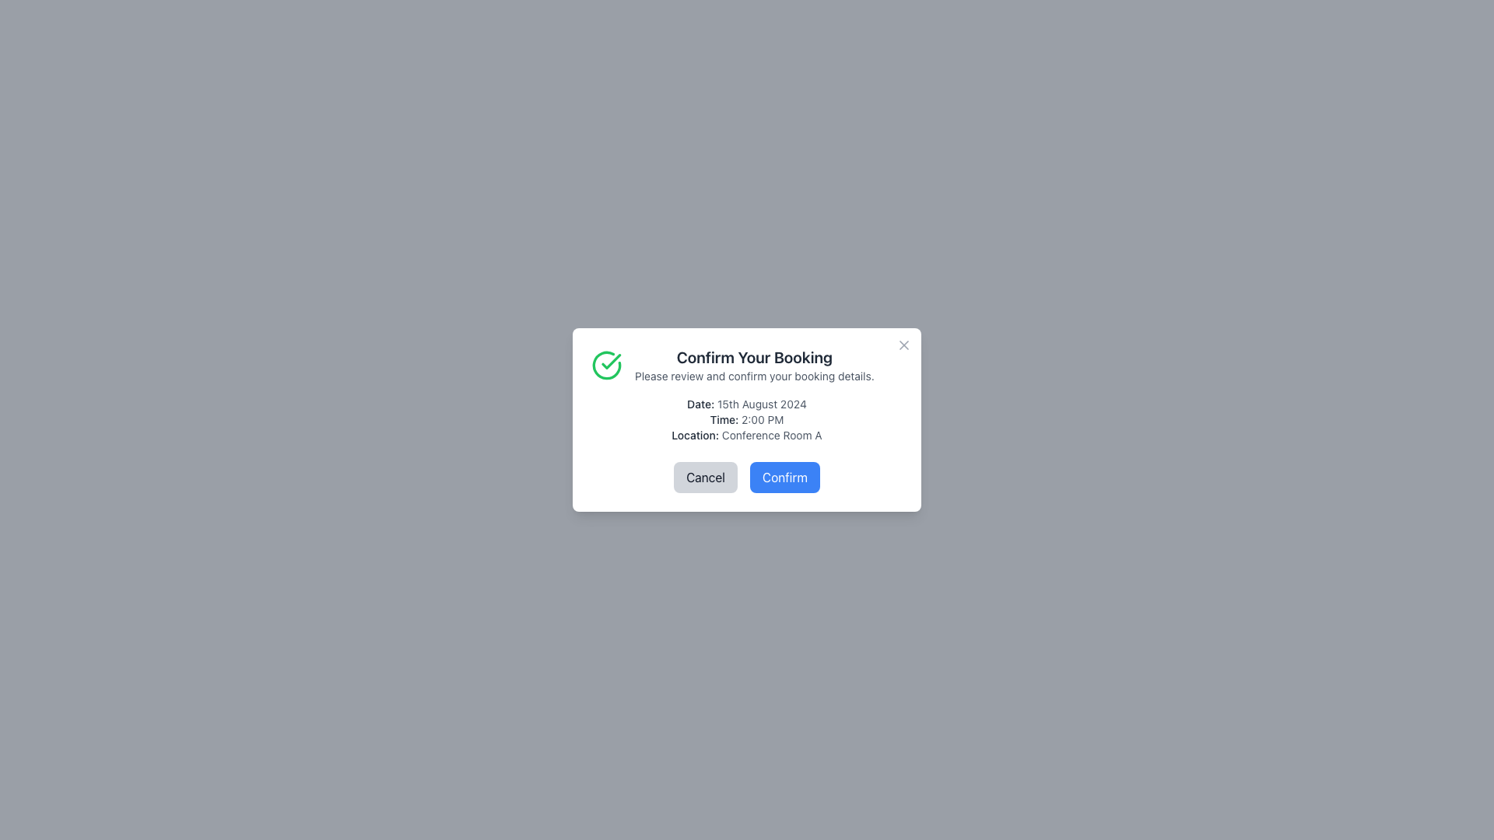 The height and width of the screenshot is (840, 1494). I want to click on the buttons in the horizontal button group located at the bottom center of the 'Confirm Your Booking' modal, so click(747, 476).